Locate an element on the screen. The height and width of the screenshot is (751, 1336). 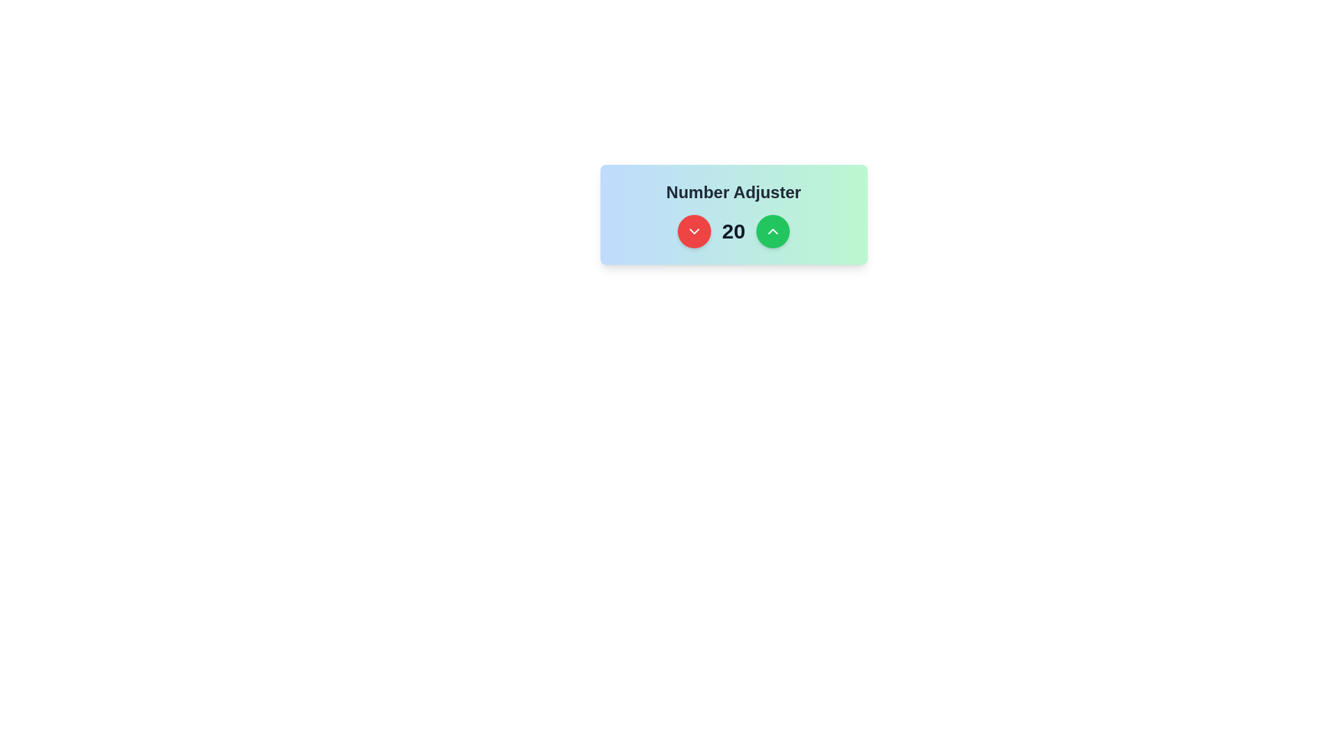
the small, downward-pointing arrow icon located within the red circular button on the left side of the 'Number Adjuster' horizontal group is located at coordinates (694, 230).